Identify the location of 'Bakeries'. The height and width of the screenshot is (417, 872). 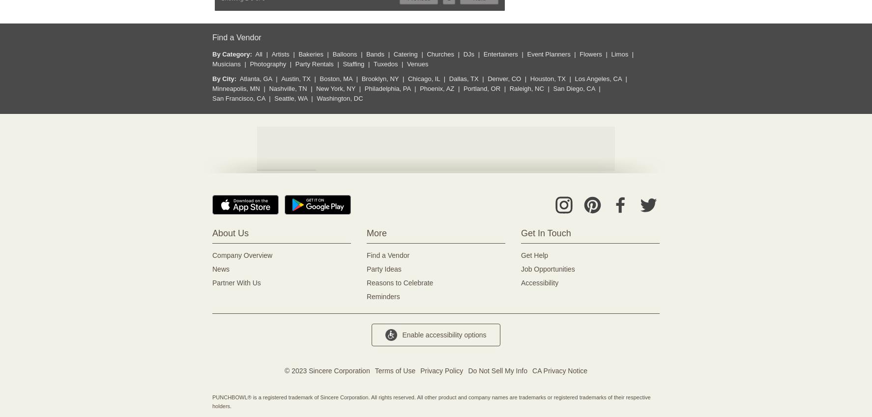
(311, 54).